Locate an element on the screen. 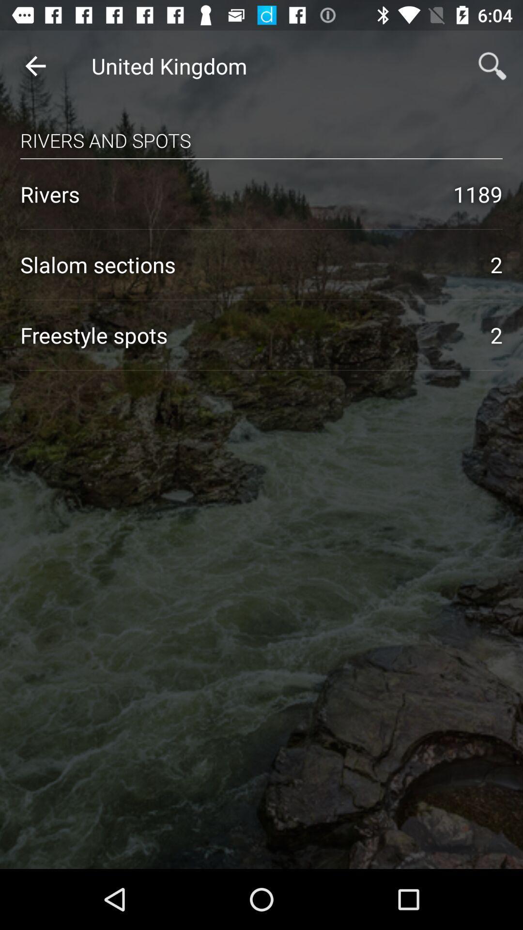  slalom sections is located at coordinates (245, 264).